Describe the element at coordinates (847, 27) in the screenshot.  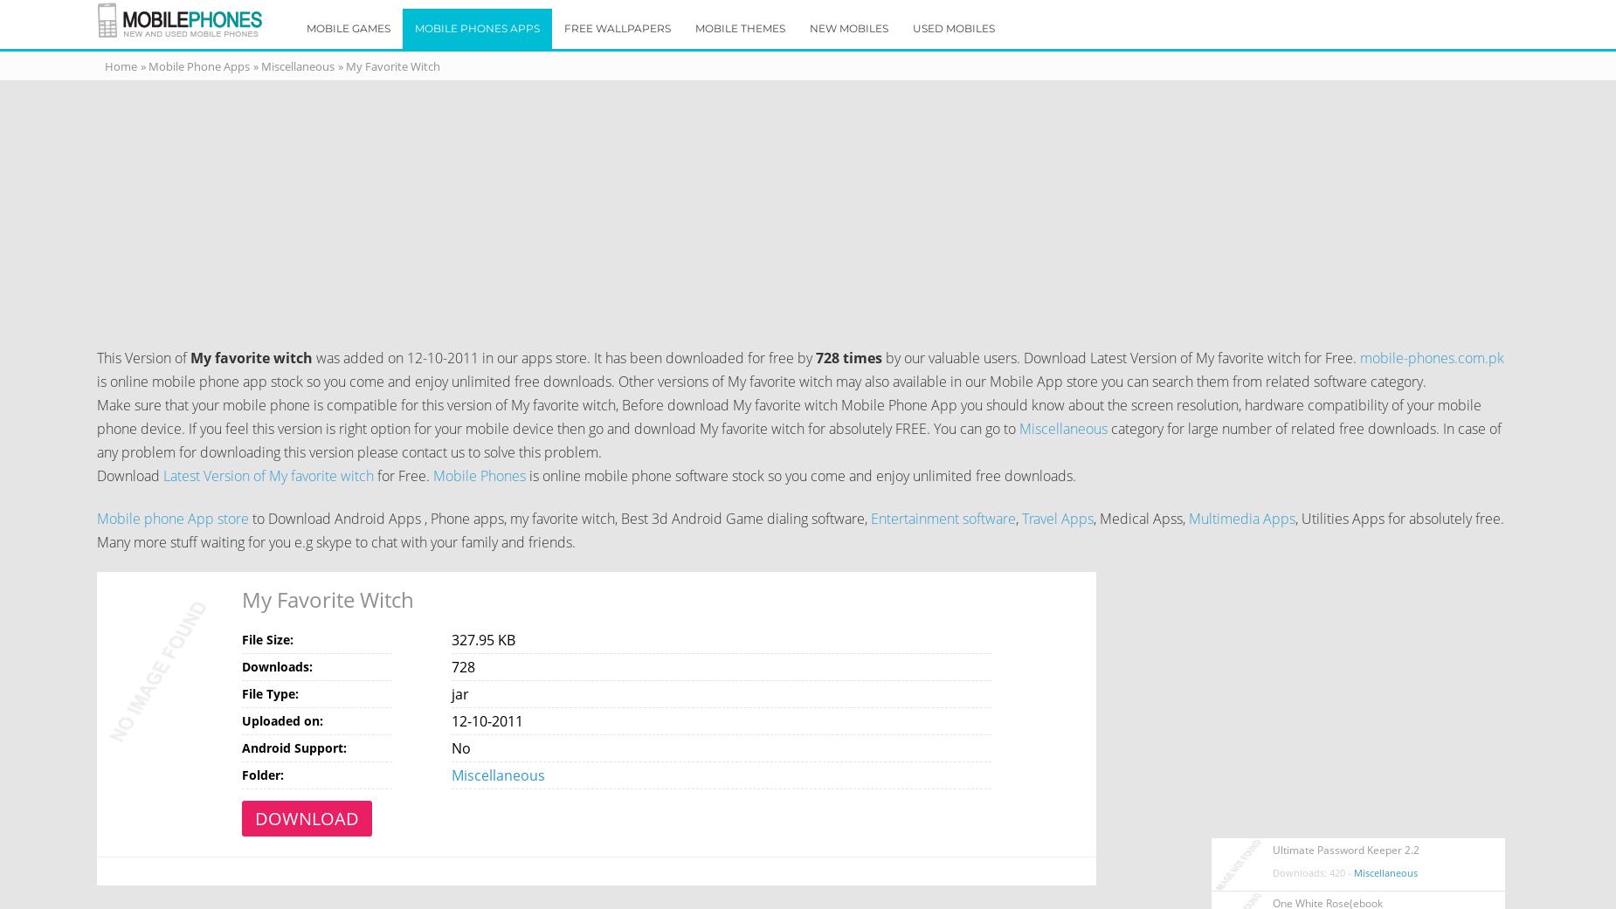
I see `'new mobiles'` at that location.